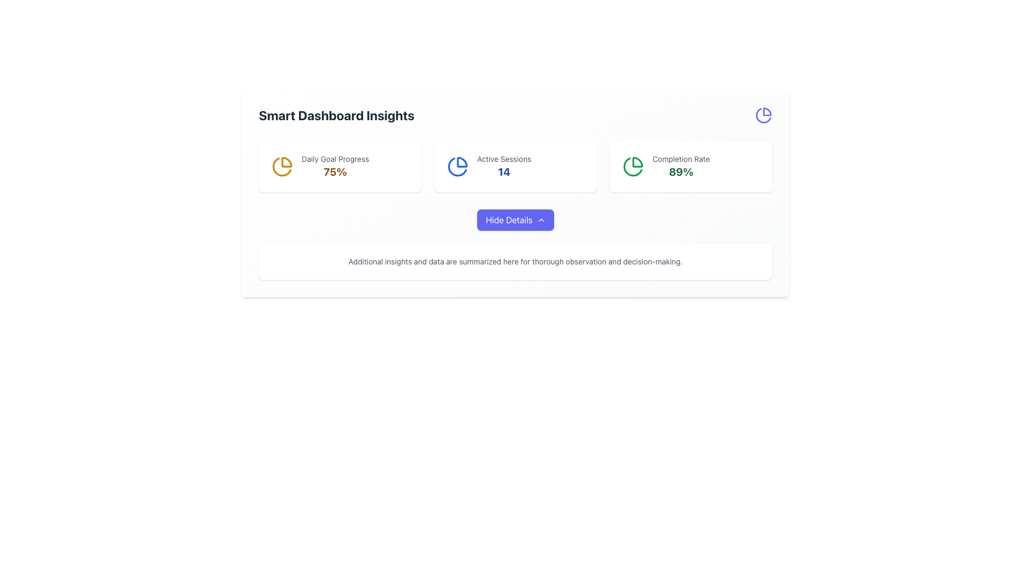 This screenshot has width=1027, height=577. What do you see at coordinates (633, 167) in the screenshot?
I see `the 'Completion Rate' icon located to the left of the text 'Completion Rate 89%' in the top right section of the dashboard interface` at bounding box center [633, 167].